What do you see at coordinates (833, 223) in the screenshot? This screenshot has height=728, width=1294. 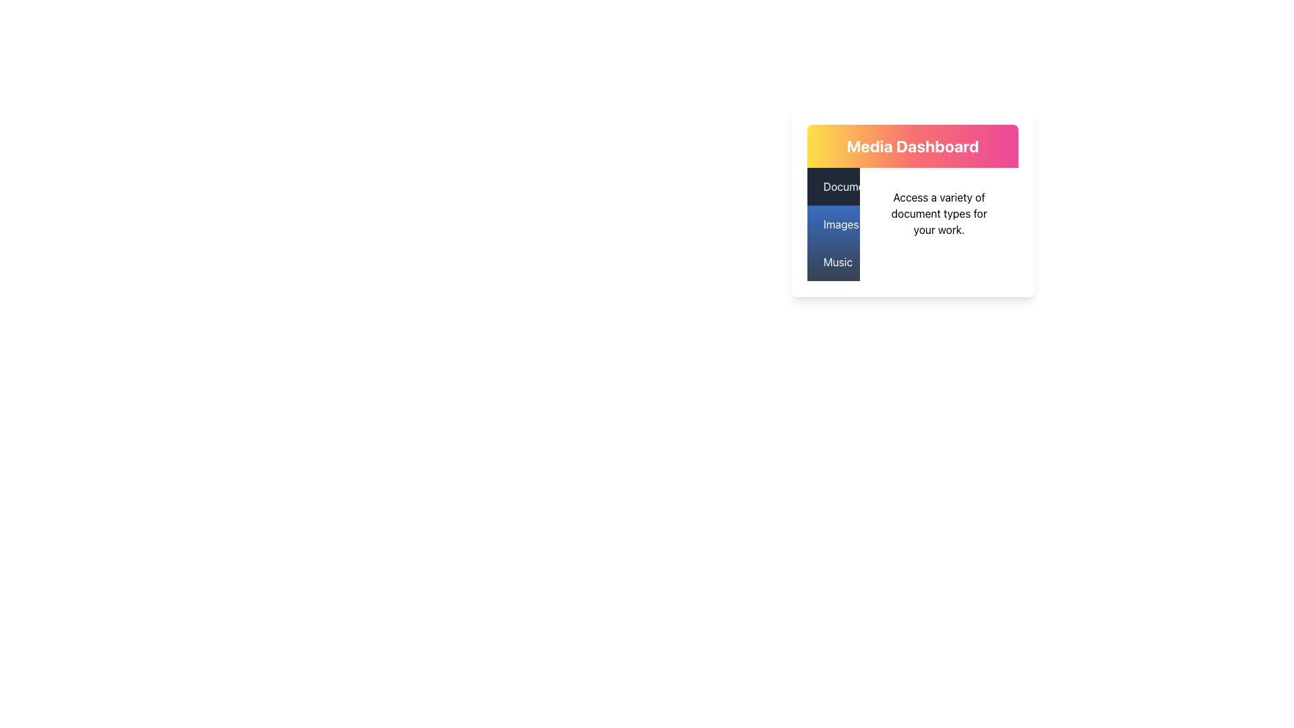 I see `the second navigation menu item that combines an icon and text` at bounding box center [833, 223].